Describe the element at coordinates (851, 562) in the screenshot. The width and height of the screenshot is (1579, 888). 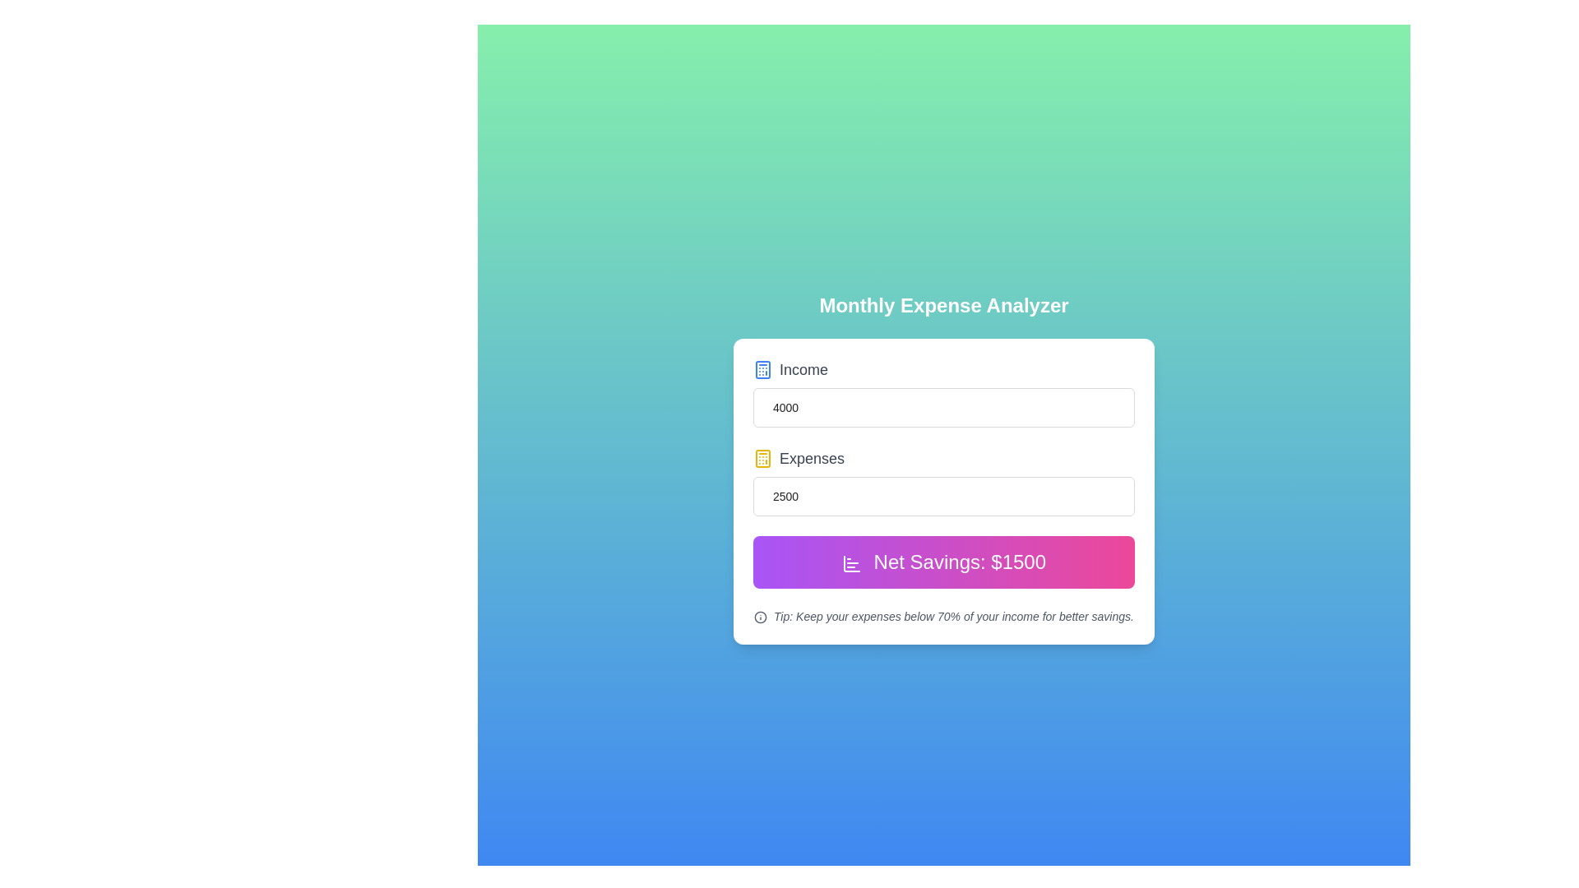
I see `the bar chart icon located within the 'Net Savings: $1500' label at the bottom of the interface` at that location.